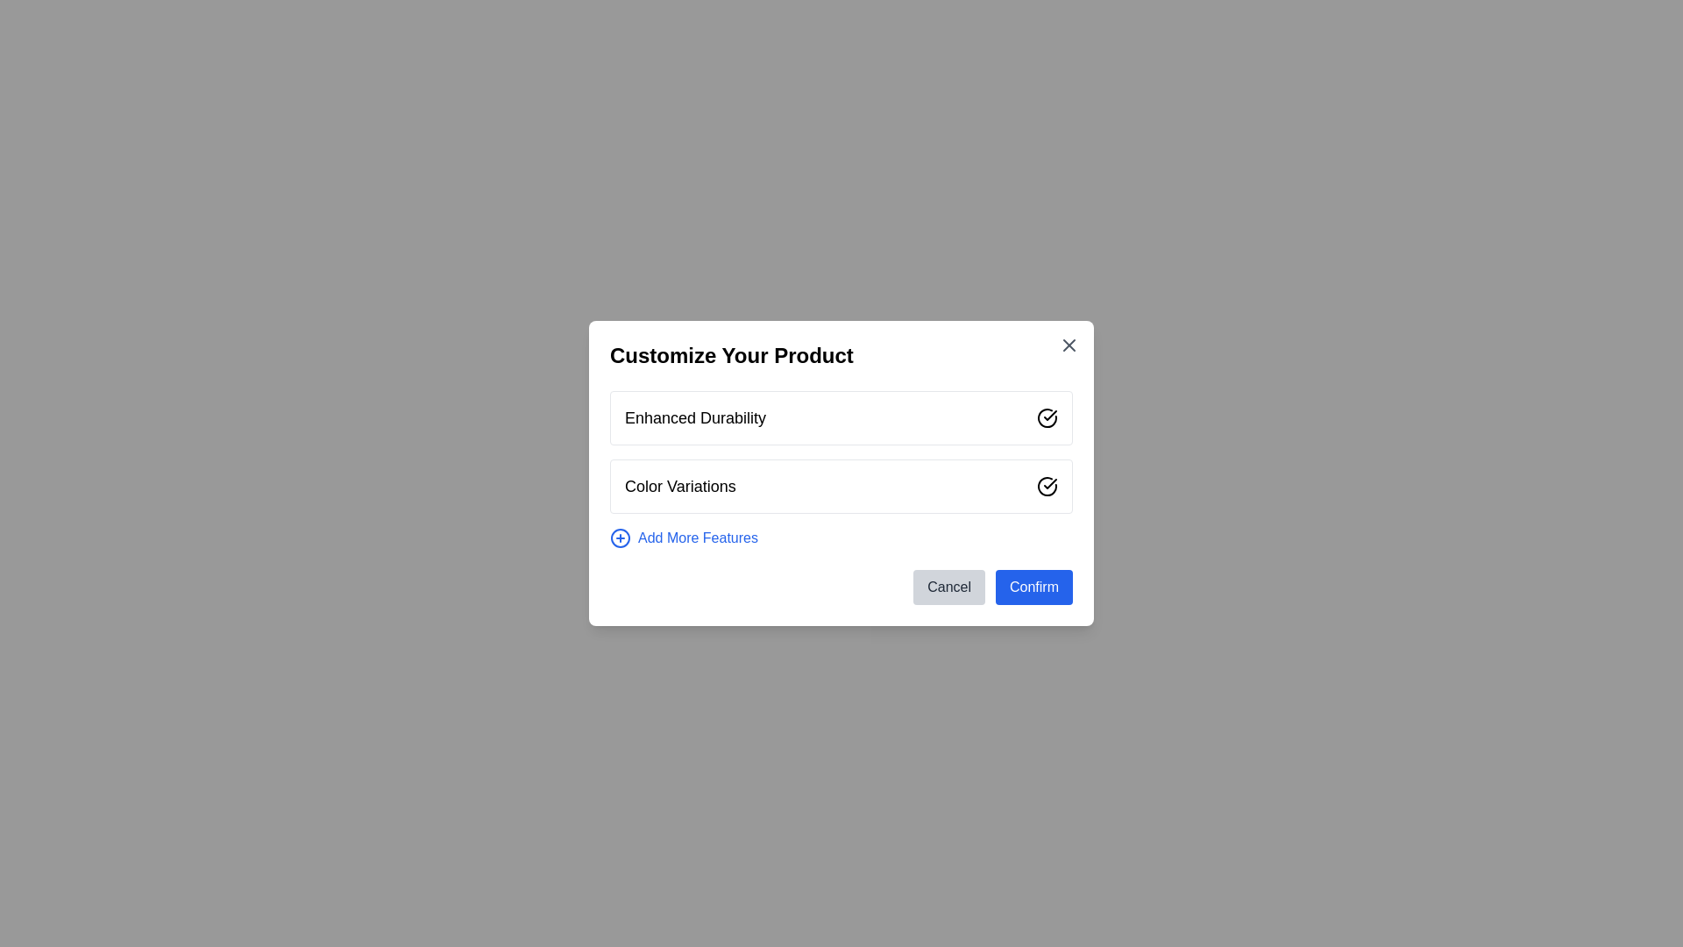 This screenshot has height=947, width=1683. Describe the element at coordinates (948, 587) in the screenshot. I see `the cancel button located` at that location.